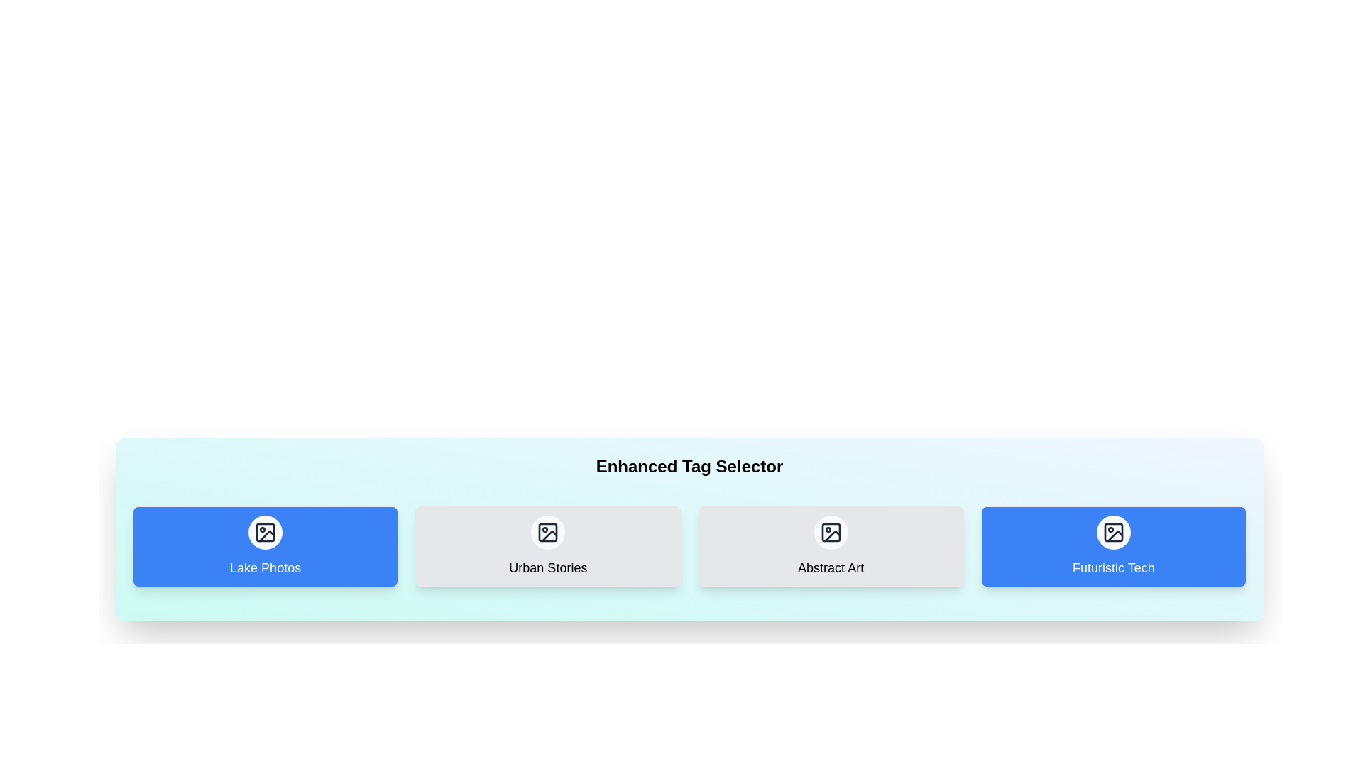 The image size is (1363, 766). Describe the element at coordinates (266, 546) in the screenshot. I see `the tag identified by Lake Photos` at that location.